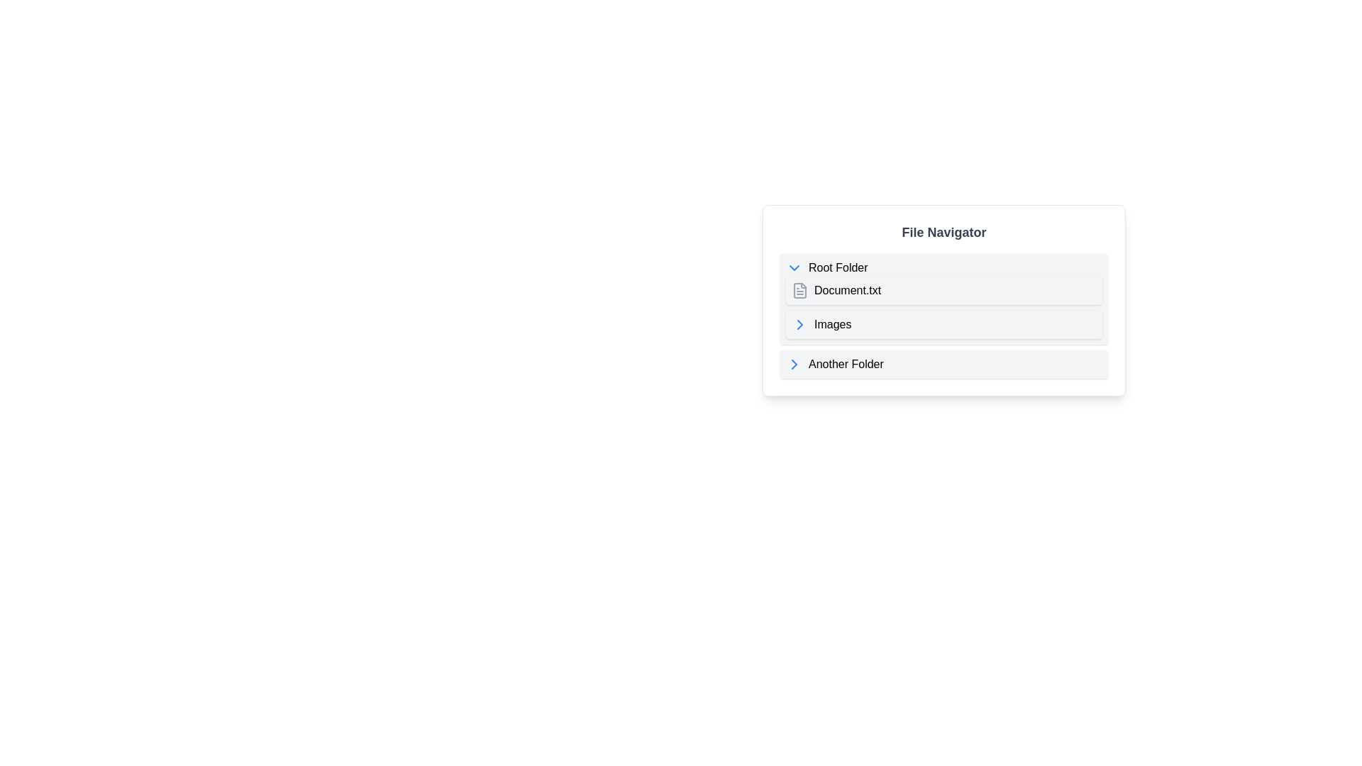 The image size is (1362, 766). What do you see at coordinates (800, 289) in the screenshot?
I see `the document icon, which resembles a gray document sheet with horizontal lines` at bounding box center [800, 289].